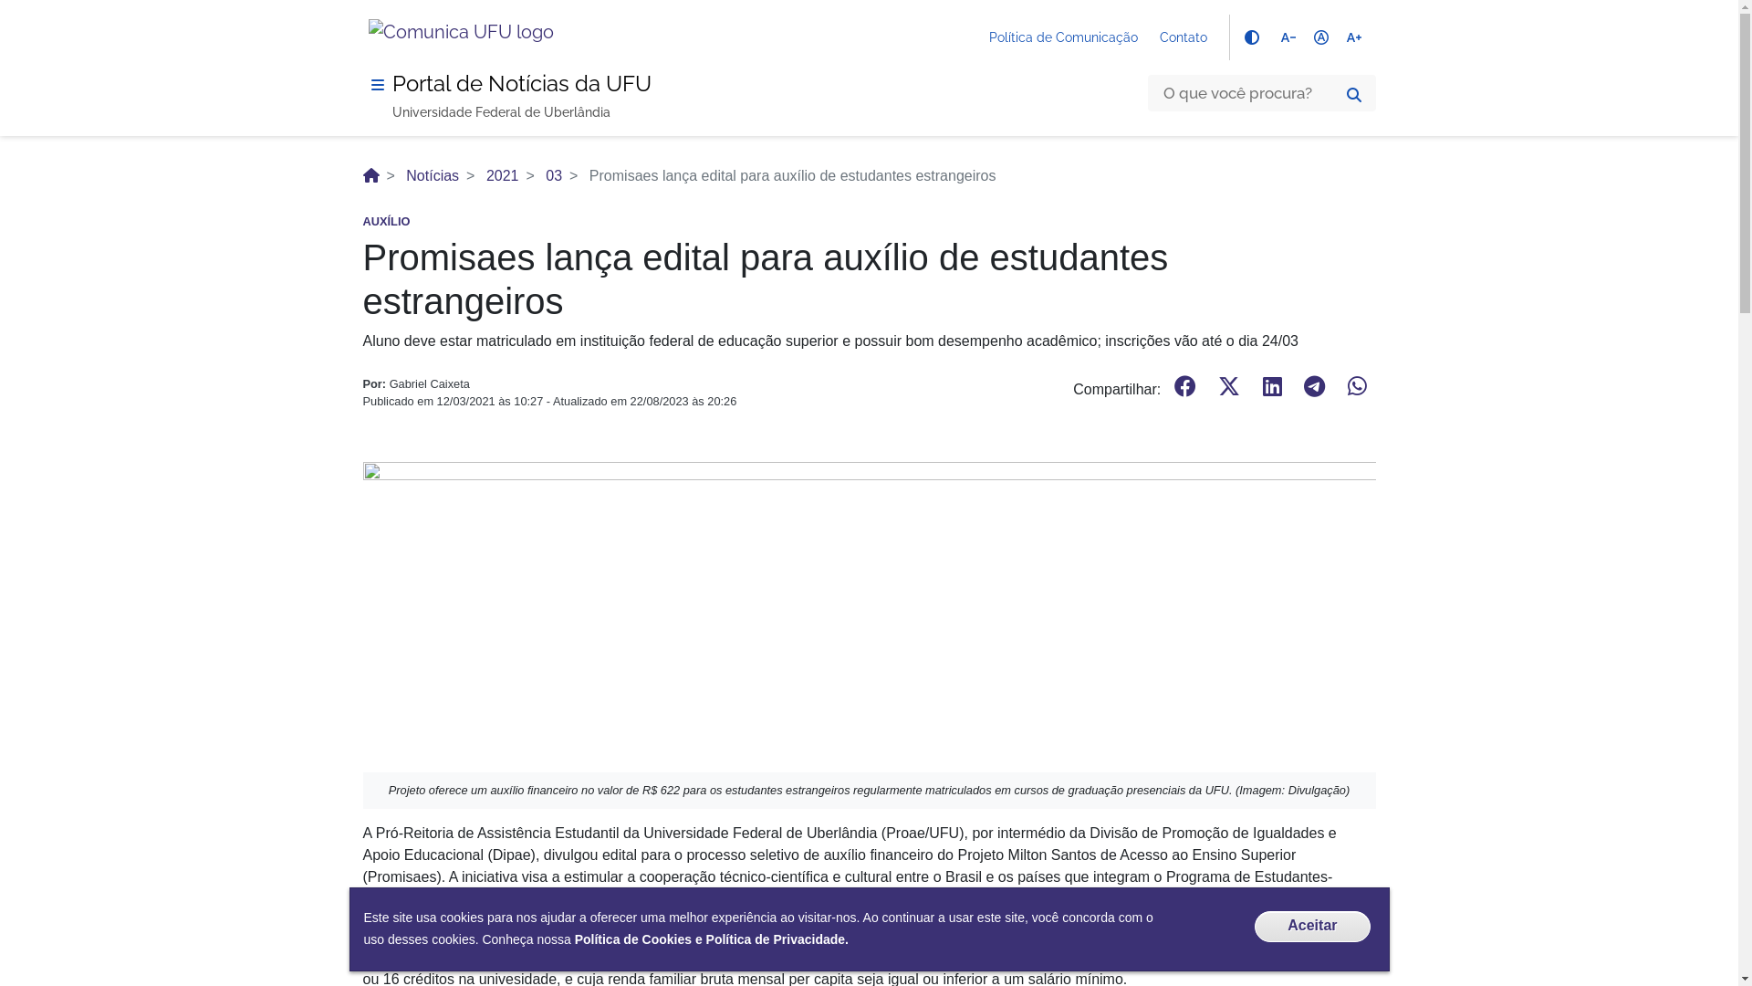 The image size is (1752, 986). I want to click on 'text_increase', so click(1353, 37).